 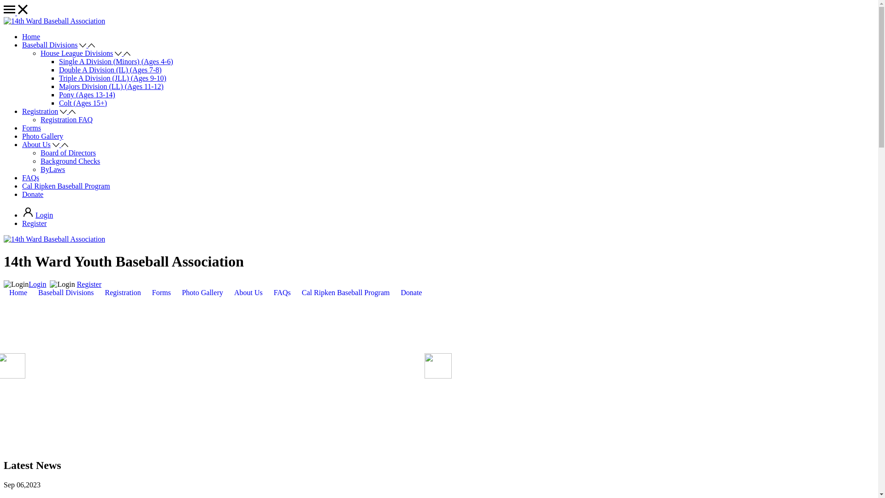 What do you see at coordinates (411, 293) in the screenshot?
I see `'Donate'` at bounding box center [411, 293].